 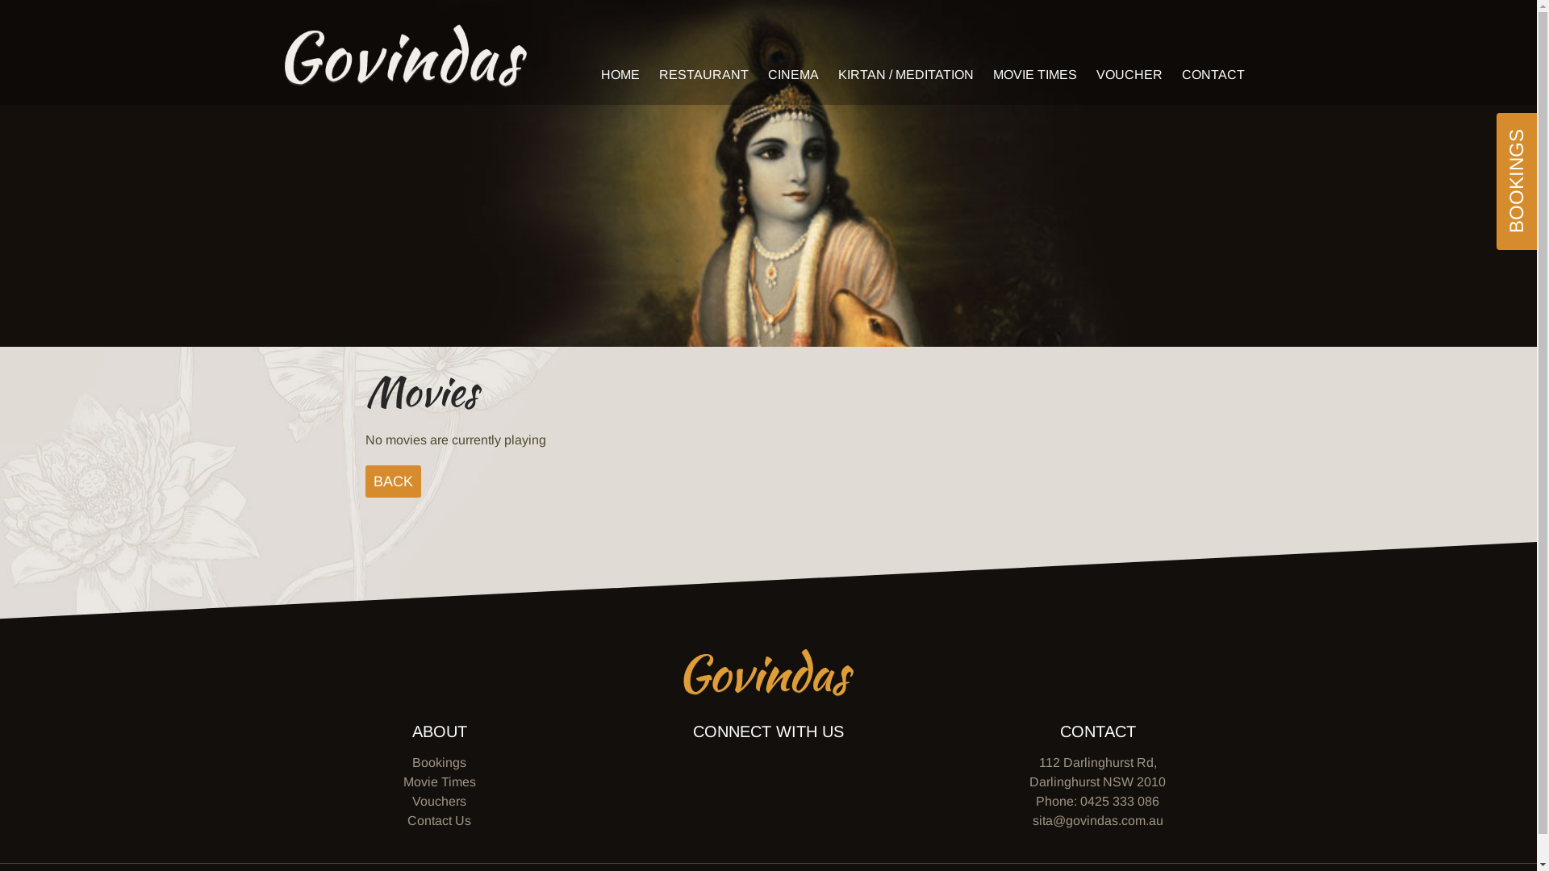 I want to click on 'RESTAURANT', so click(x=703, y=74).